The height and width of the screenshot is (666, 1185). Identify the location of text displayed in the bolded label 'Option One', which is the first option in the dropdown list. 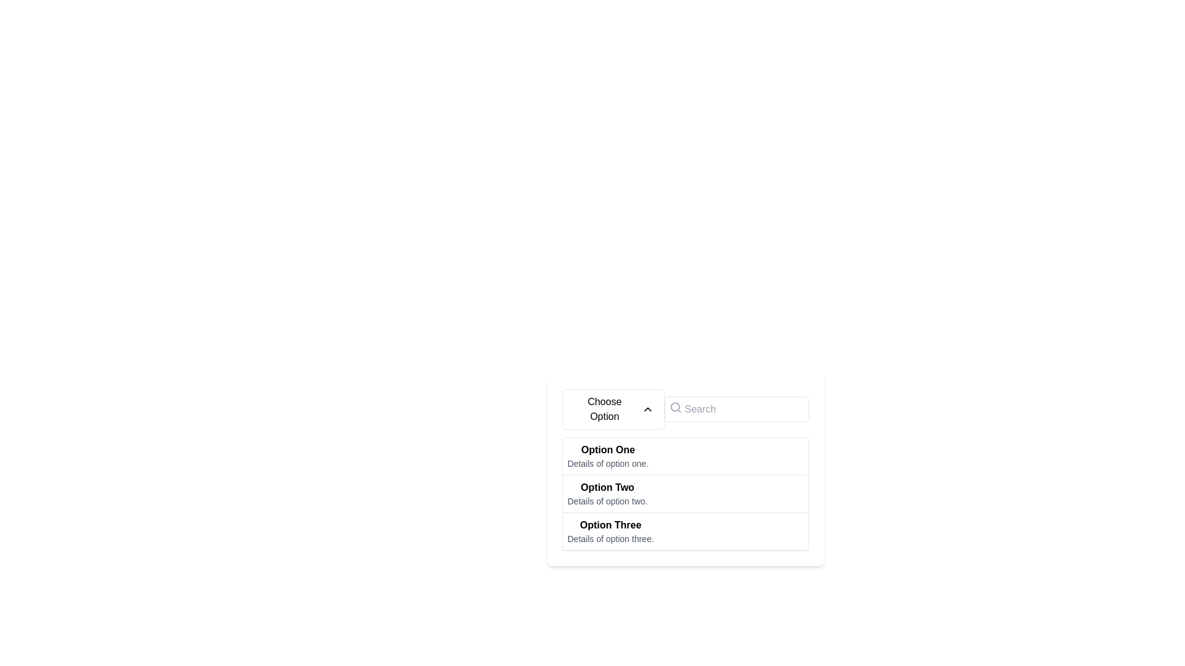
(608, 450).